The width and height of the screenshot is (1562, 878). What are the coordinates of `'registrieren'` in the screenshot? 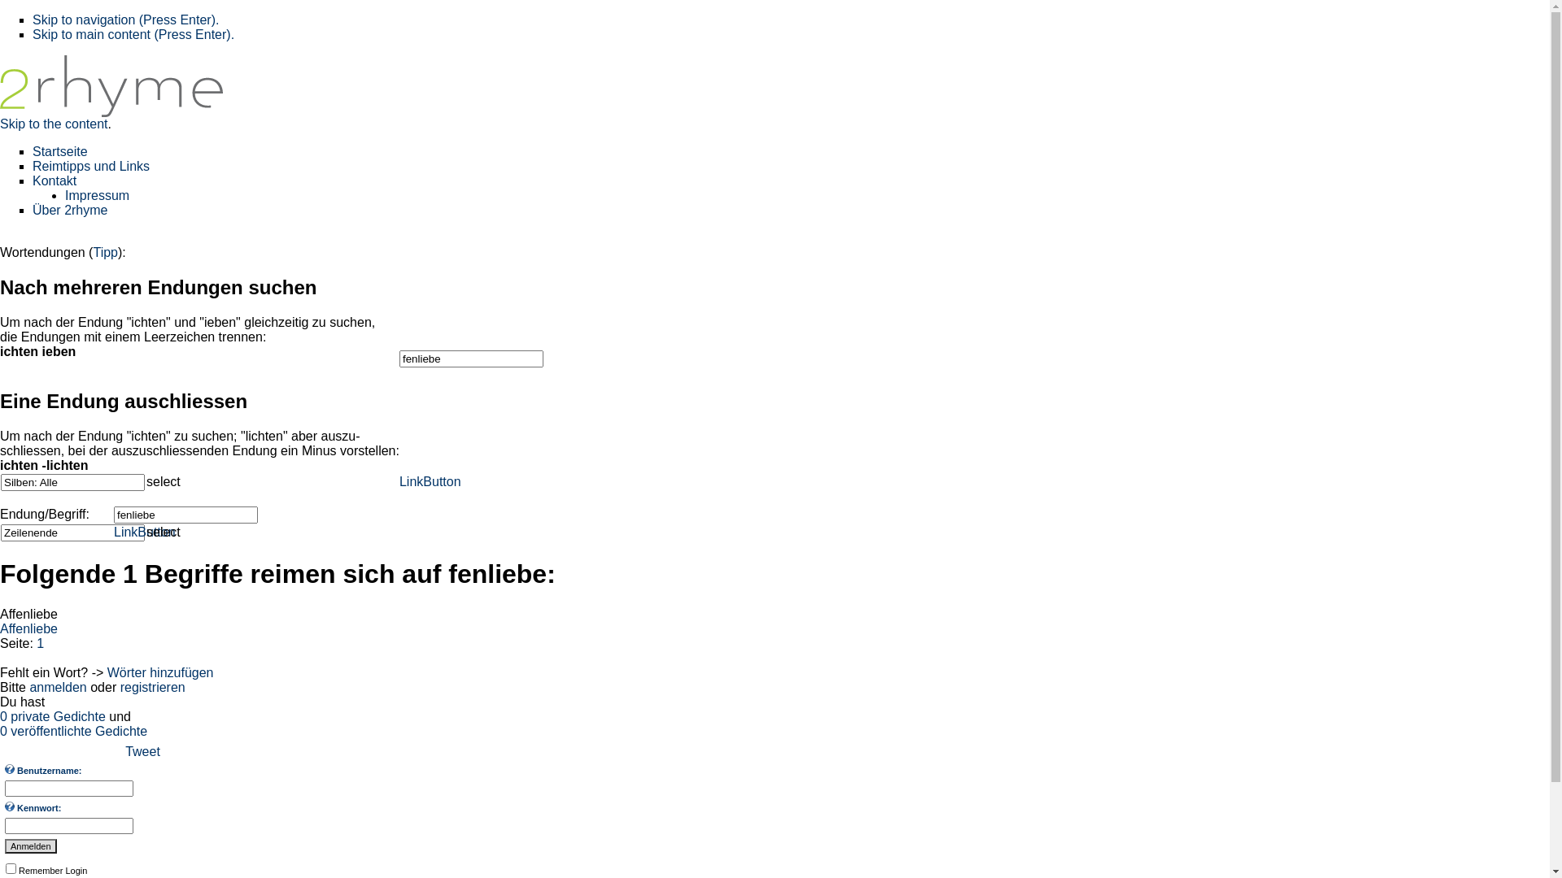 It's located at (152, 686).